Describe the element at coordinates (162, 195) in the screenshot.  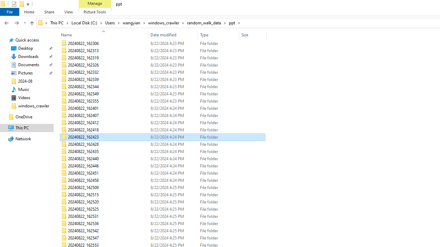
I see `'20240822_162515'` at that location.